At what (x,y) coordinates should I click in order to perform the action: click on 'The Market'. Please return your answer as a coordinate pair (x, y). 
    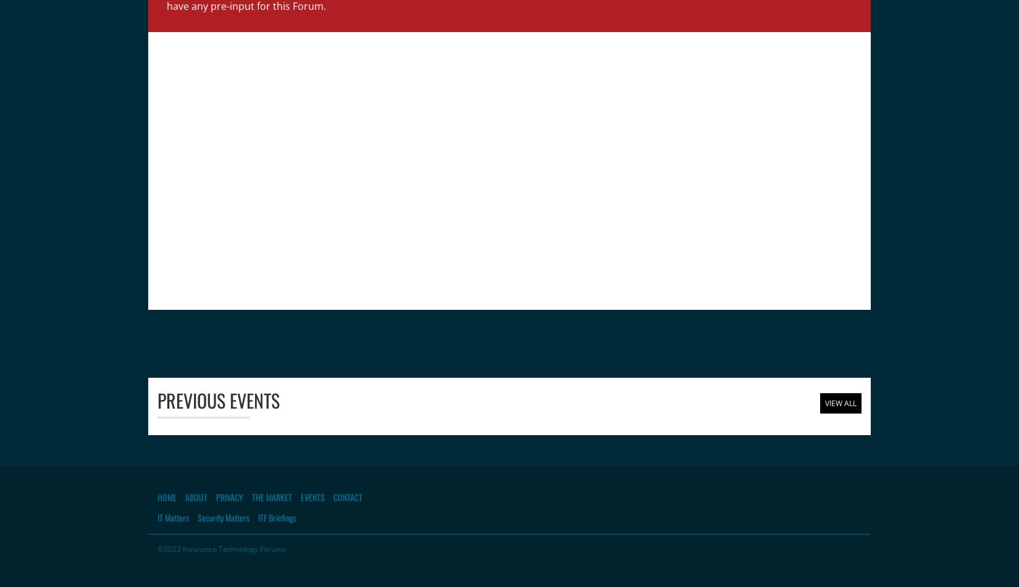
    Looking at the image, I should click on (271, 496).